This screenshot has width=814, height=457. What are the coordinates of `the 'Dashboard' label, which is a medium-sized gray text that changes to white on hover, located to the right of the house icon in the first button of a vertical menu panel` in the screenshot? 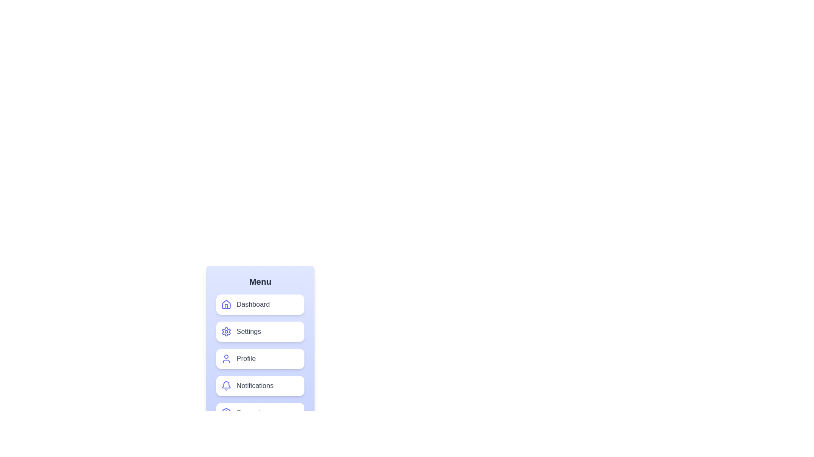 It's located at (253, 305).